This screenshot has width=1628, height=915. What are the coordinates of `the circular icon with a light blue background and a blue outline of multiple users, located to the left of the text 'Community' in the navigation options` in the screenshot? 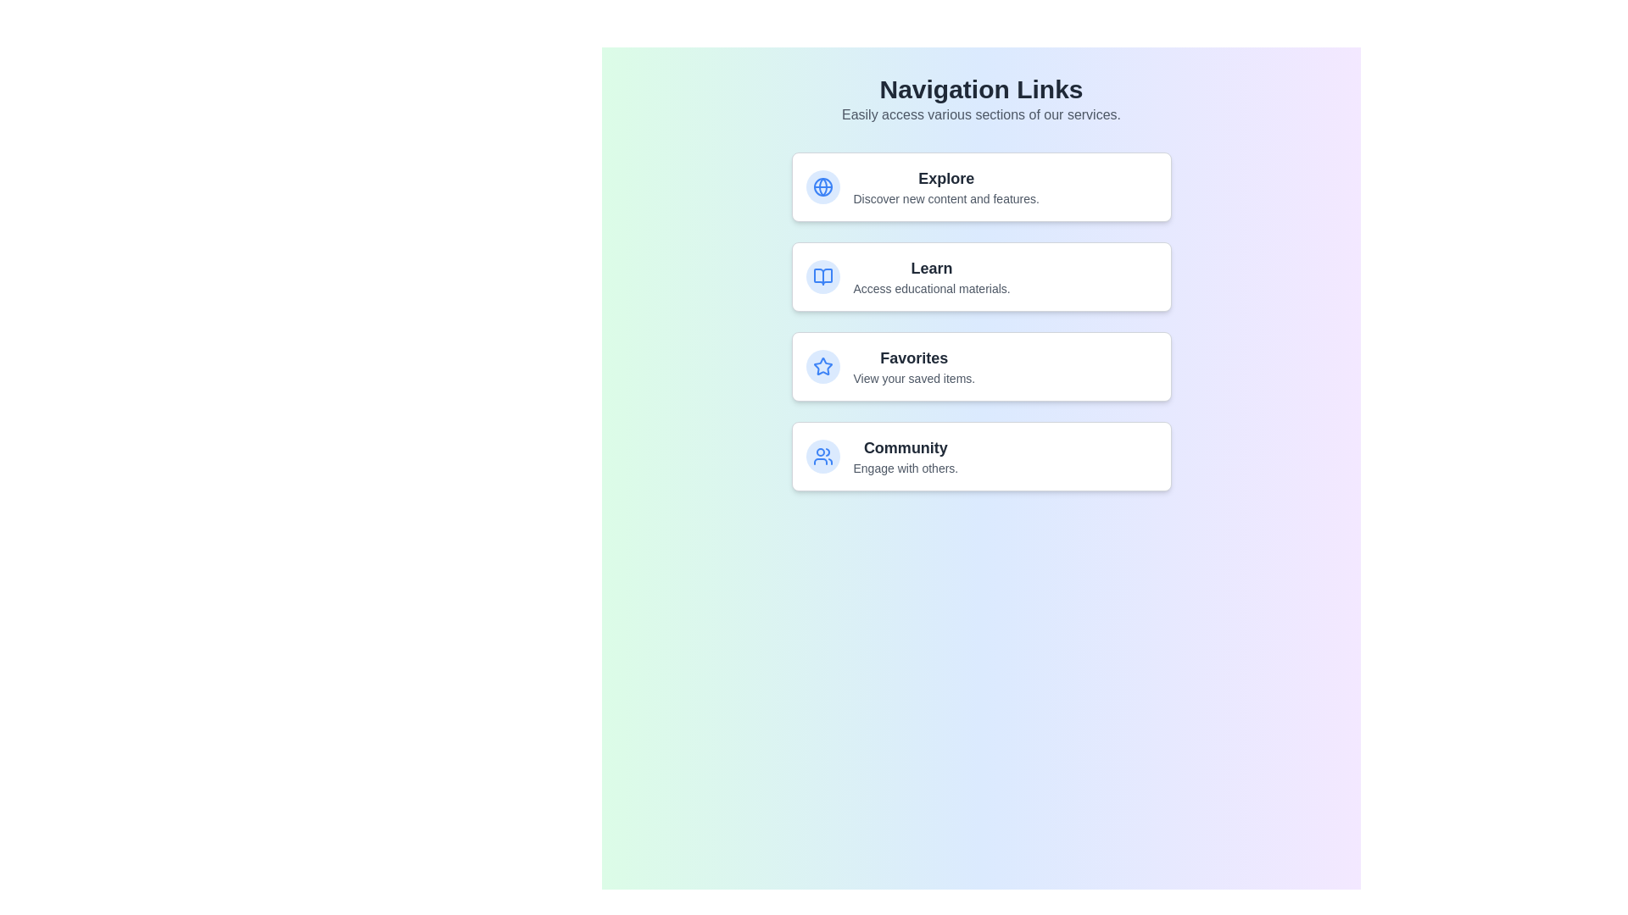 It's located at (822, 456).